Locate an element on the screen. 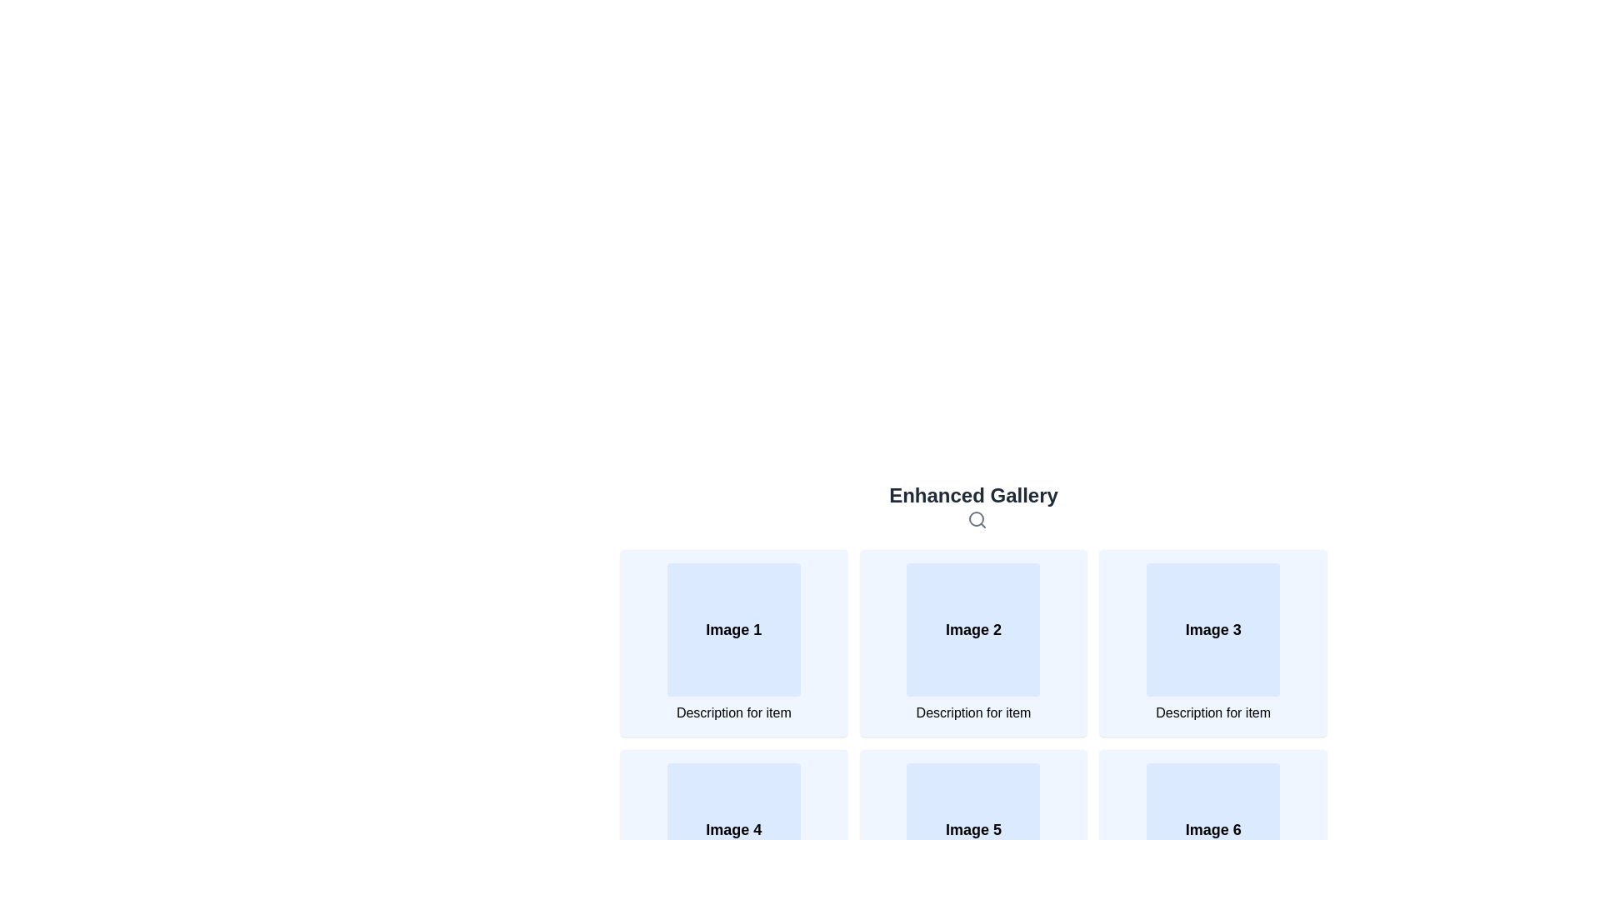 The width and height of the screenshot is (1600, 900). the square box with a light blue background that contains the bold text 'Image 4', located in the bottom left of the grid layout is located at coordinates (733, 829).